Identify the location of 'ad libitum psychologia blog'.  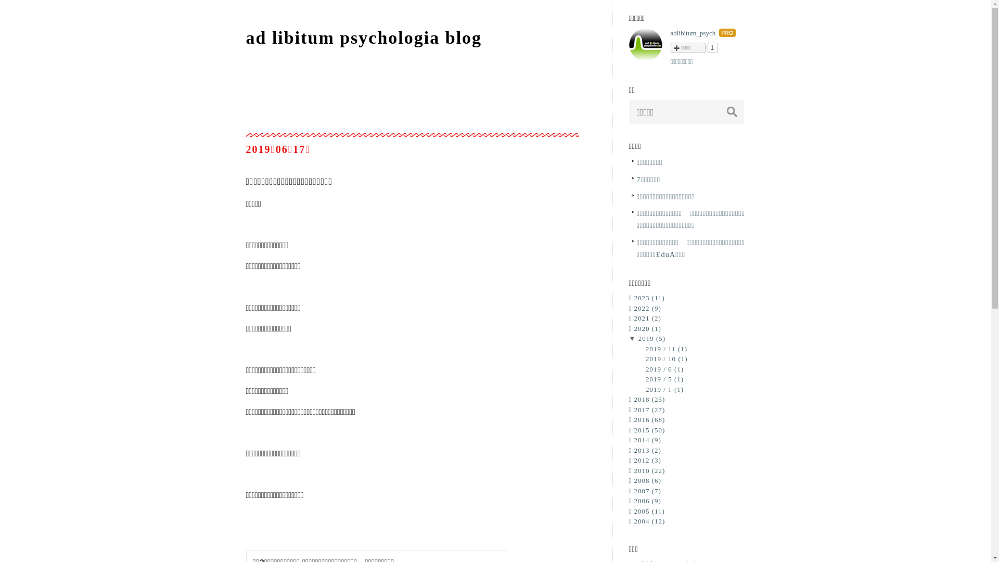
(364, 37).